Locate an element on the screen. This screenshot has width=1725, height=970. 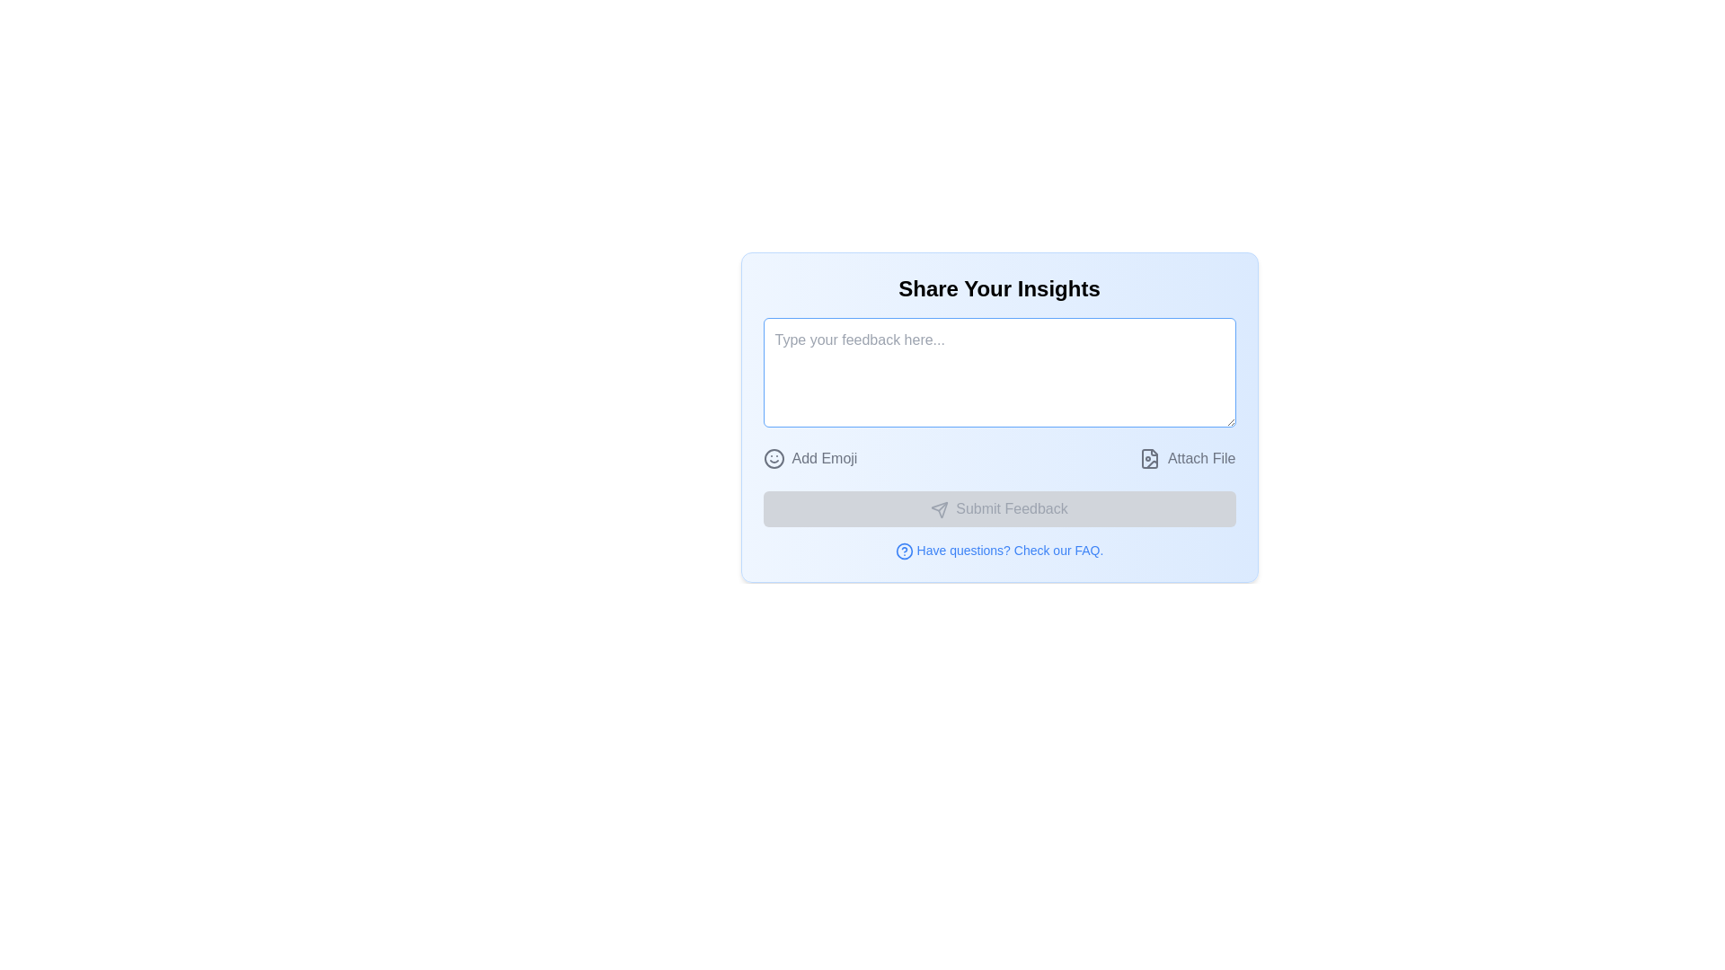
the 'Attach File' button located in the bottom-right of the 'Share Your Insights' panel to initiate the file attachment process is located at coordinates (1201, 457).